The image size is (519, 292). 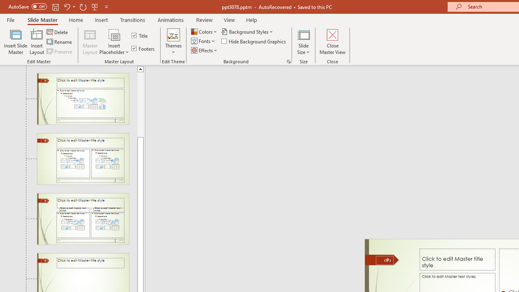 I want to click on 'Slide Two Content Layout: used by no slides', so click(x=83, y=159).